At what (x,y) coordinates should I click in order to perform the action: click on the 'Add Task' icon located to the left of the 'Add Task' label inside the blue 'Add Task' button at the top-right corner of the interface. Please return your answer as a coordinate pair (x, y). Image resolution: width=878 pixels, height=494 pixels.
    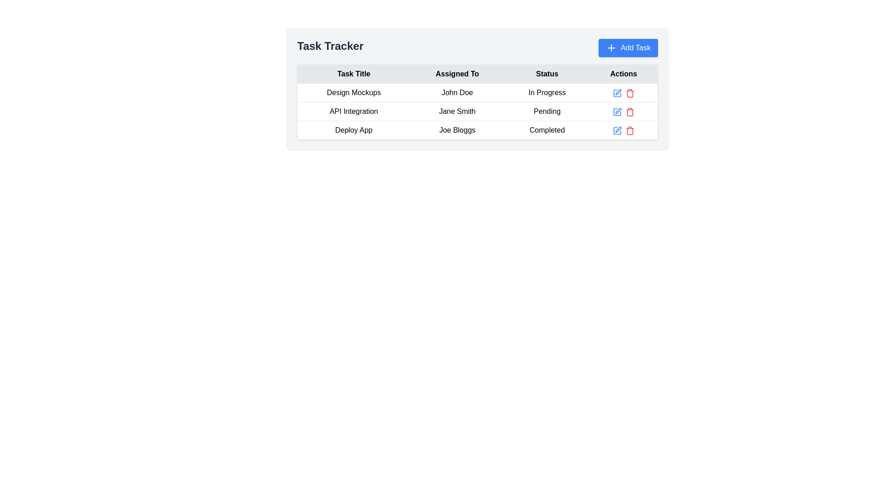
    Looking at the image, I should click on (611, 48).